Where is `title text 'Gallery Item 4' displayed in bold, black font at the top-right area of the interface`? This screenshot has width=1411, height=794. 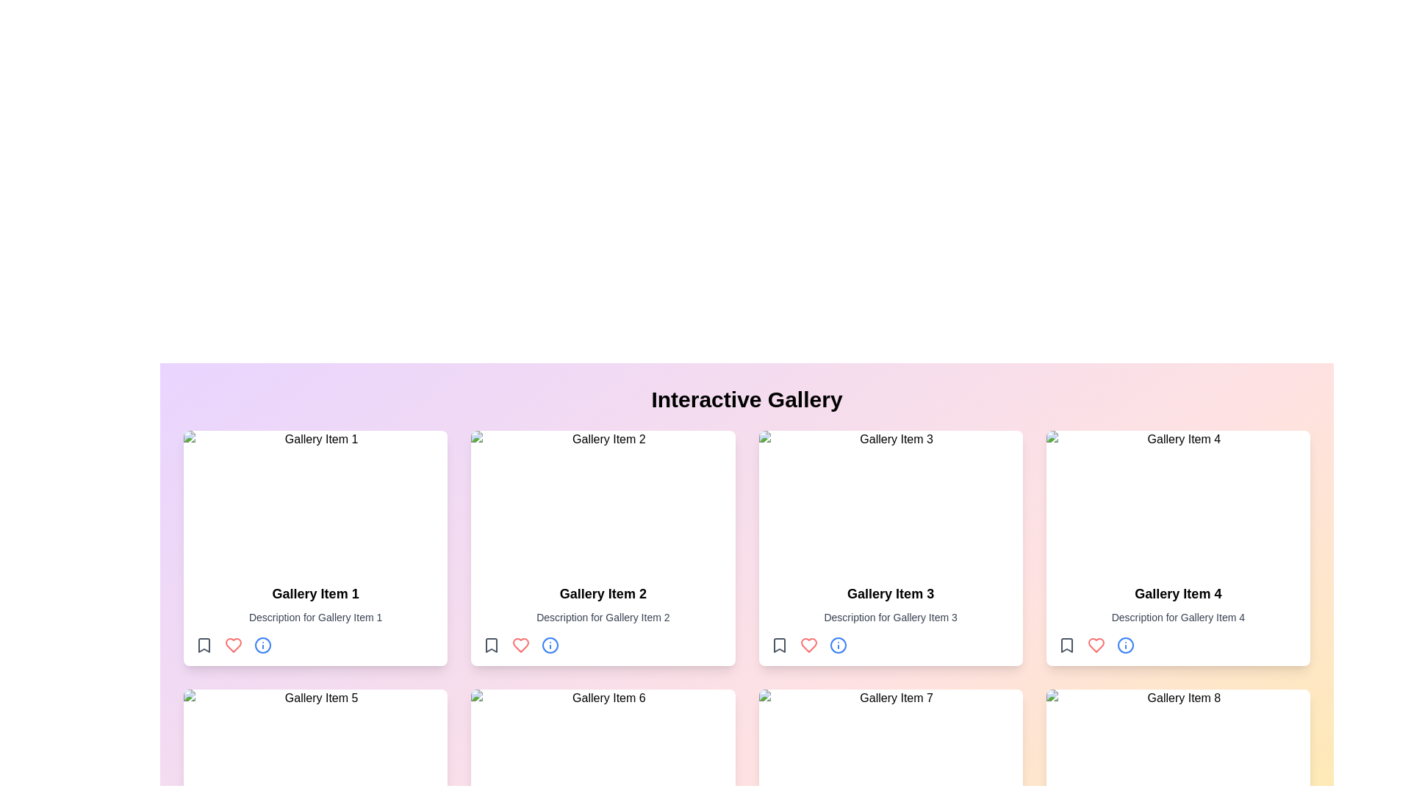
title text 'Gallery Item 4' displayed in bold, black font at the top-right area of the interface is located at coordinates (1178, 593).